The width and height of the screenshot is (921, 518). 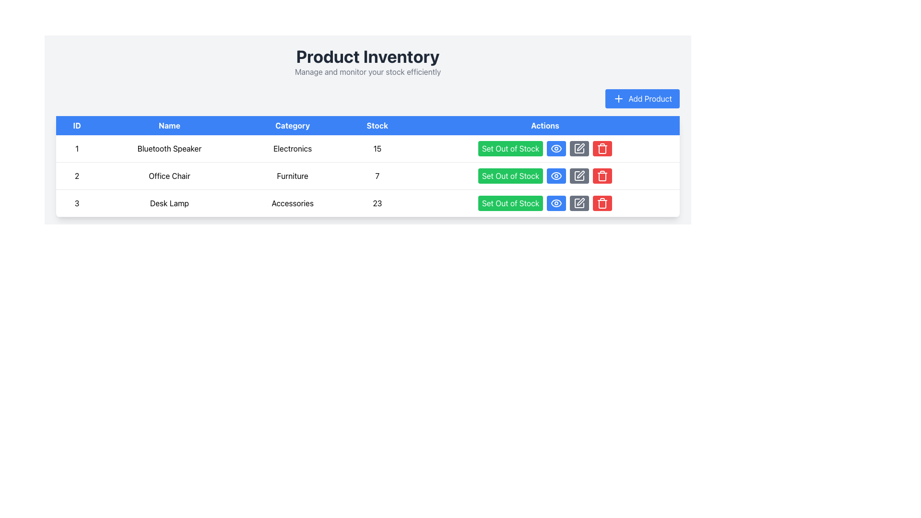 I want to click on the numeric label displaying '2' in the ID column of the second row of the data table, so click(x=77, y=176).